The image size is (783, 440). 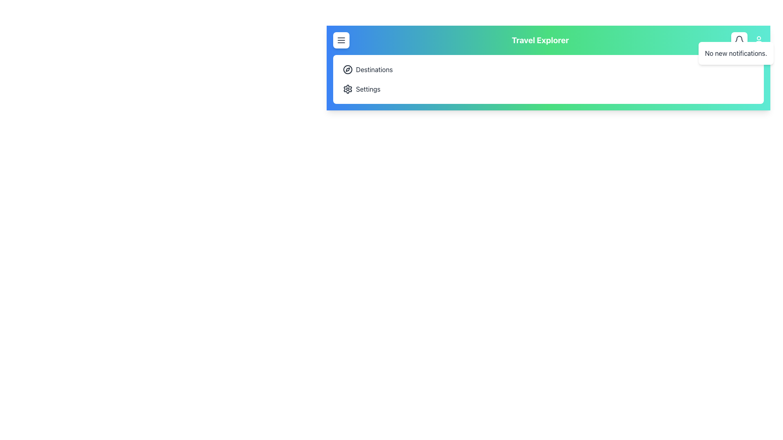 What do you see at coordinates (341, 40) in the screenshot?
I see `the menu icon consisting of three horizontal lines stacked vertically, located at the top-left corner of the interface, next to 'Travel Explorer'` at bounding box center [341, 40].